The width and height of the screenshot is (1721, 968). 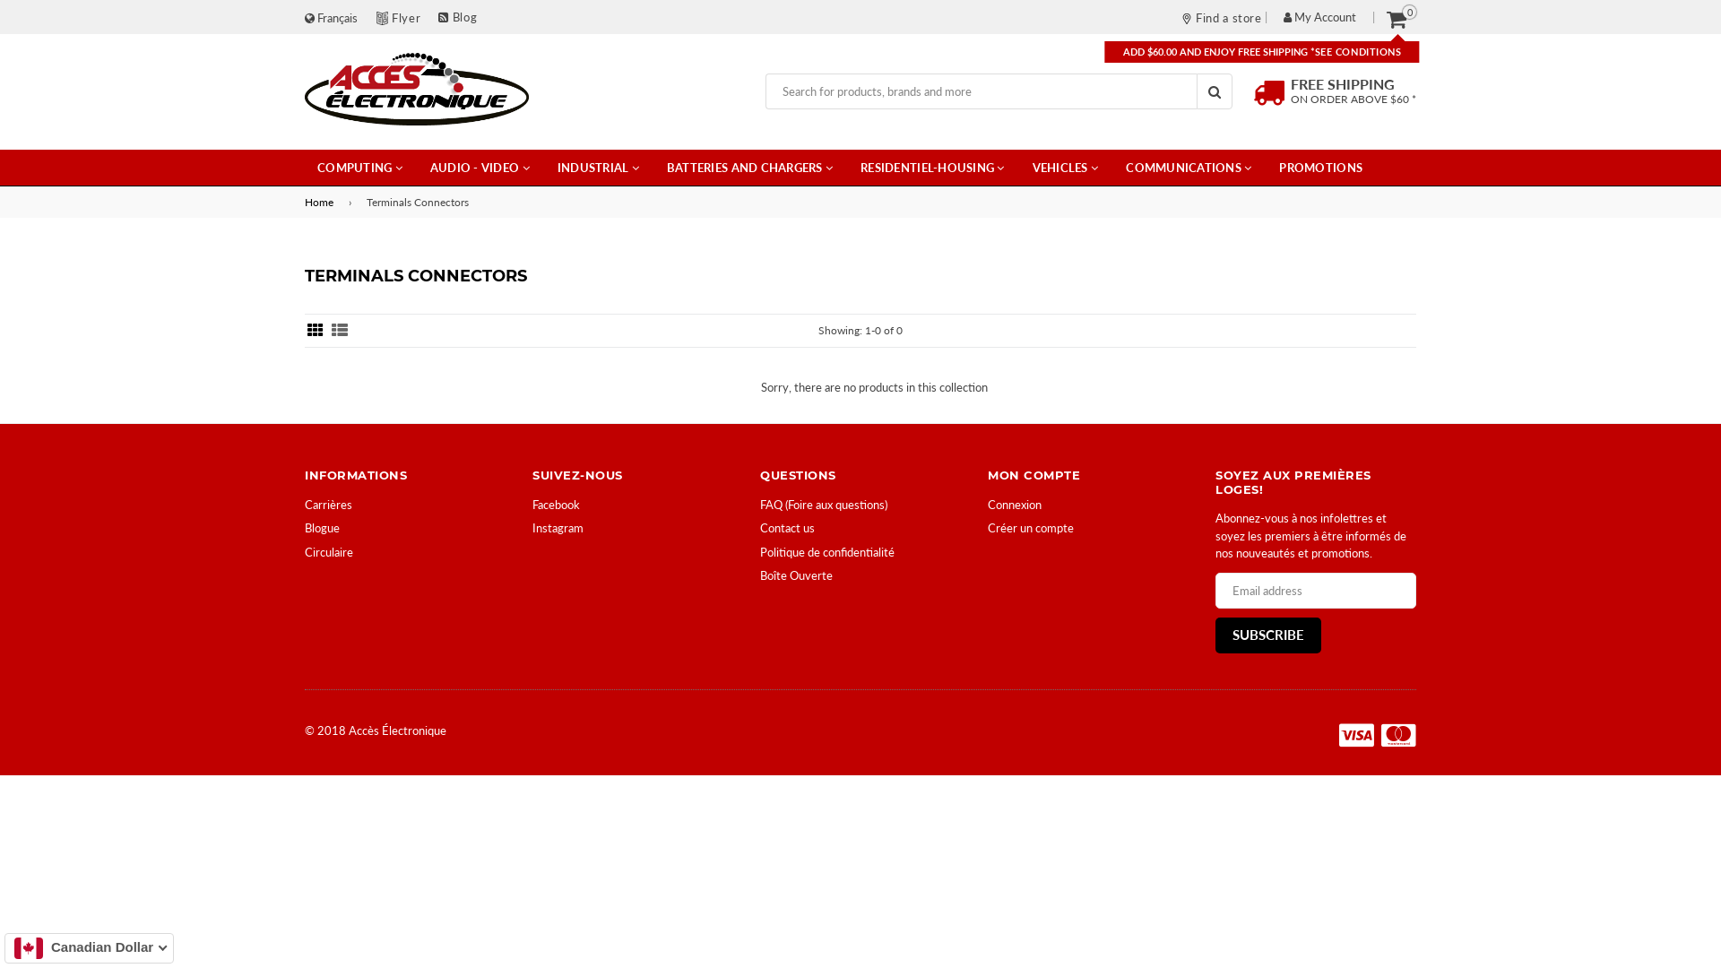 I want to click on 'Home', so click(x=322, y=202).